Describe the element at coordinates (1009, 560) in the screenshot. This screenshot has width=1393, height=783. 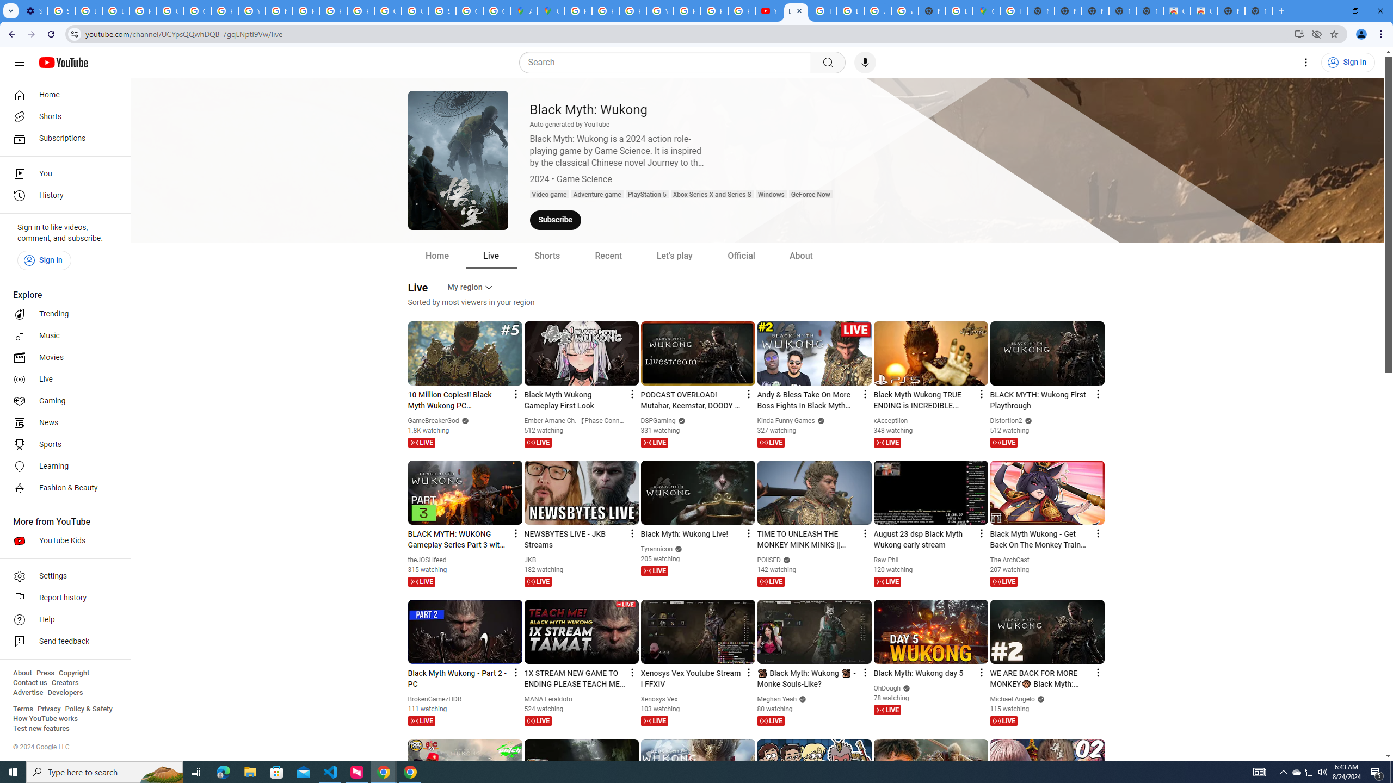
I see `'The ArchCast'` at that location.